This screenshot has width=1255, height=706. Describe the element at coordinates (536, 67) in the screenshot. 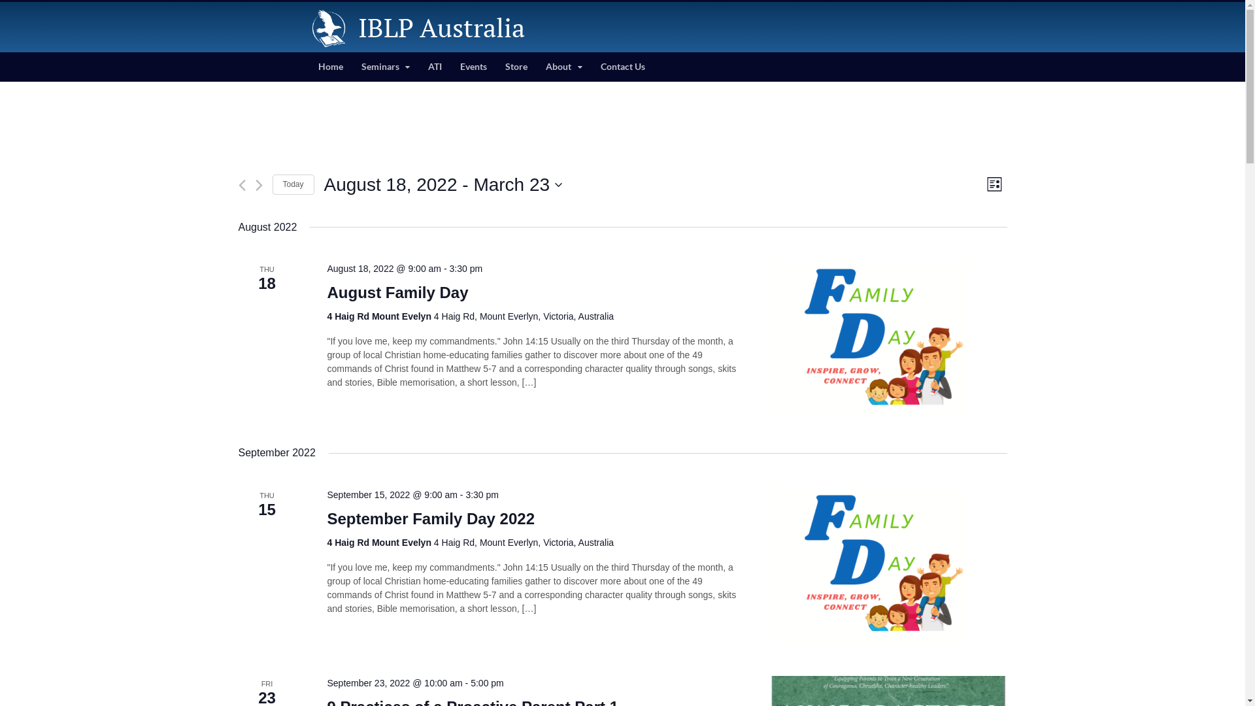

I see `'About'` at that location.